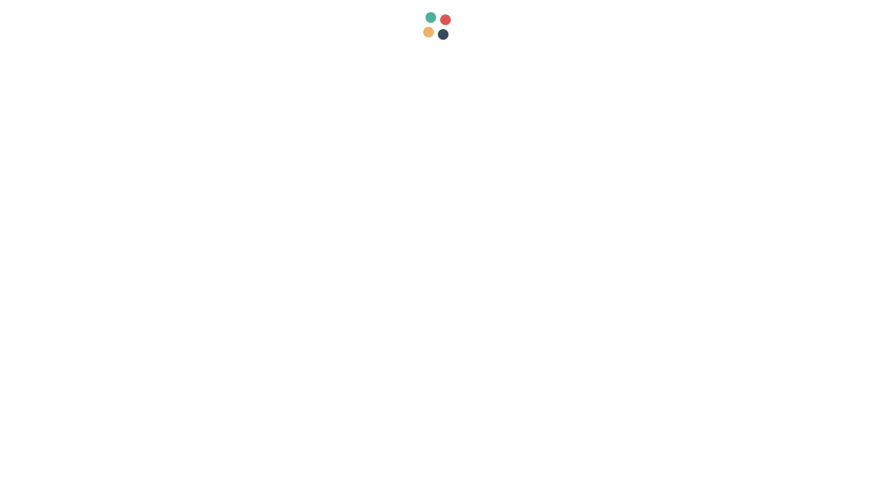  I want to click on 'In the midst of the ongoing 'digital explosion' (internet use, mobility and cloud services....), every new advance also brings with it greater opportunity for those with malign intent.  Many businesses seek to address these threats at a technical level, with limited understanding of the business risk.  Recent high profile events have shown that this approach can leave even relatively sophisticated organisations vulnerable.', so click(307, 146).